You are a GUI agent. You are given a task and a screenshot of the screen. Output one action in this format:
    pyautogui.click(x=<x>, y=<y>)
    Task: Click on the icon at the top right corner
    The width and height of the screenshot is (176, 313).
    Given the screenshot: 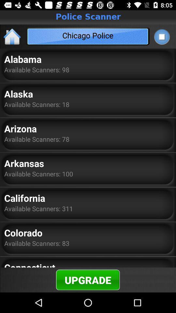 What is the action you would take?
    pyautogui.click(x=161, y=37)
    